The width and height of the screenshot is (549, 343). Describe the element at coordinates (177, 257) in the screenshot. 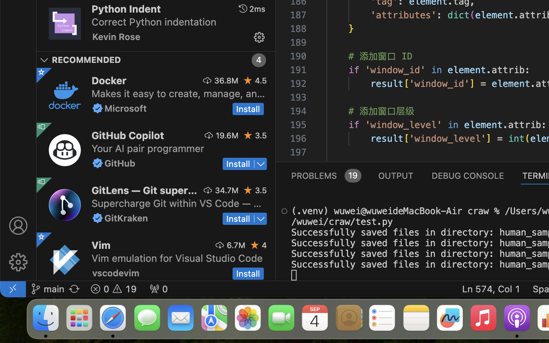

I see `'Vim emulation for Visual Studio Code'` at that location.